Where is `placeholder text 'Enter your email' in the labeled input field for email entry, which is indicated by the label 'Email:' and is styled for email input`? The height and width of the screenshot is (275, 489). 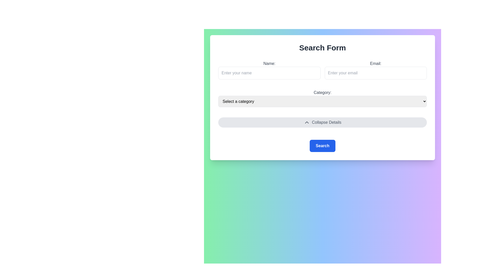
placeholder text 'Enter your email' in the labeled input field for email entry, which is indicated by the label 'Email:' and is styled for email input is located at coordinates (376, 70).